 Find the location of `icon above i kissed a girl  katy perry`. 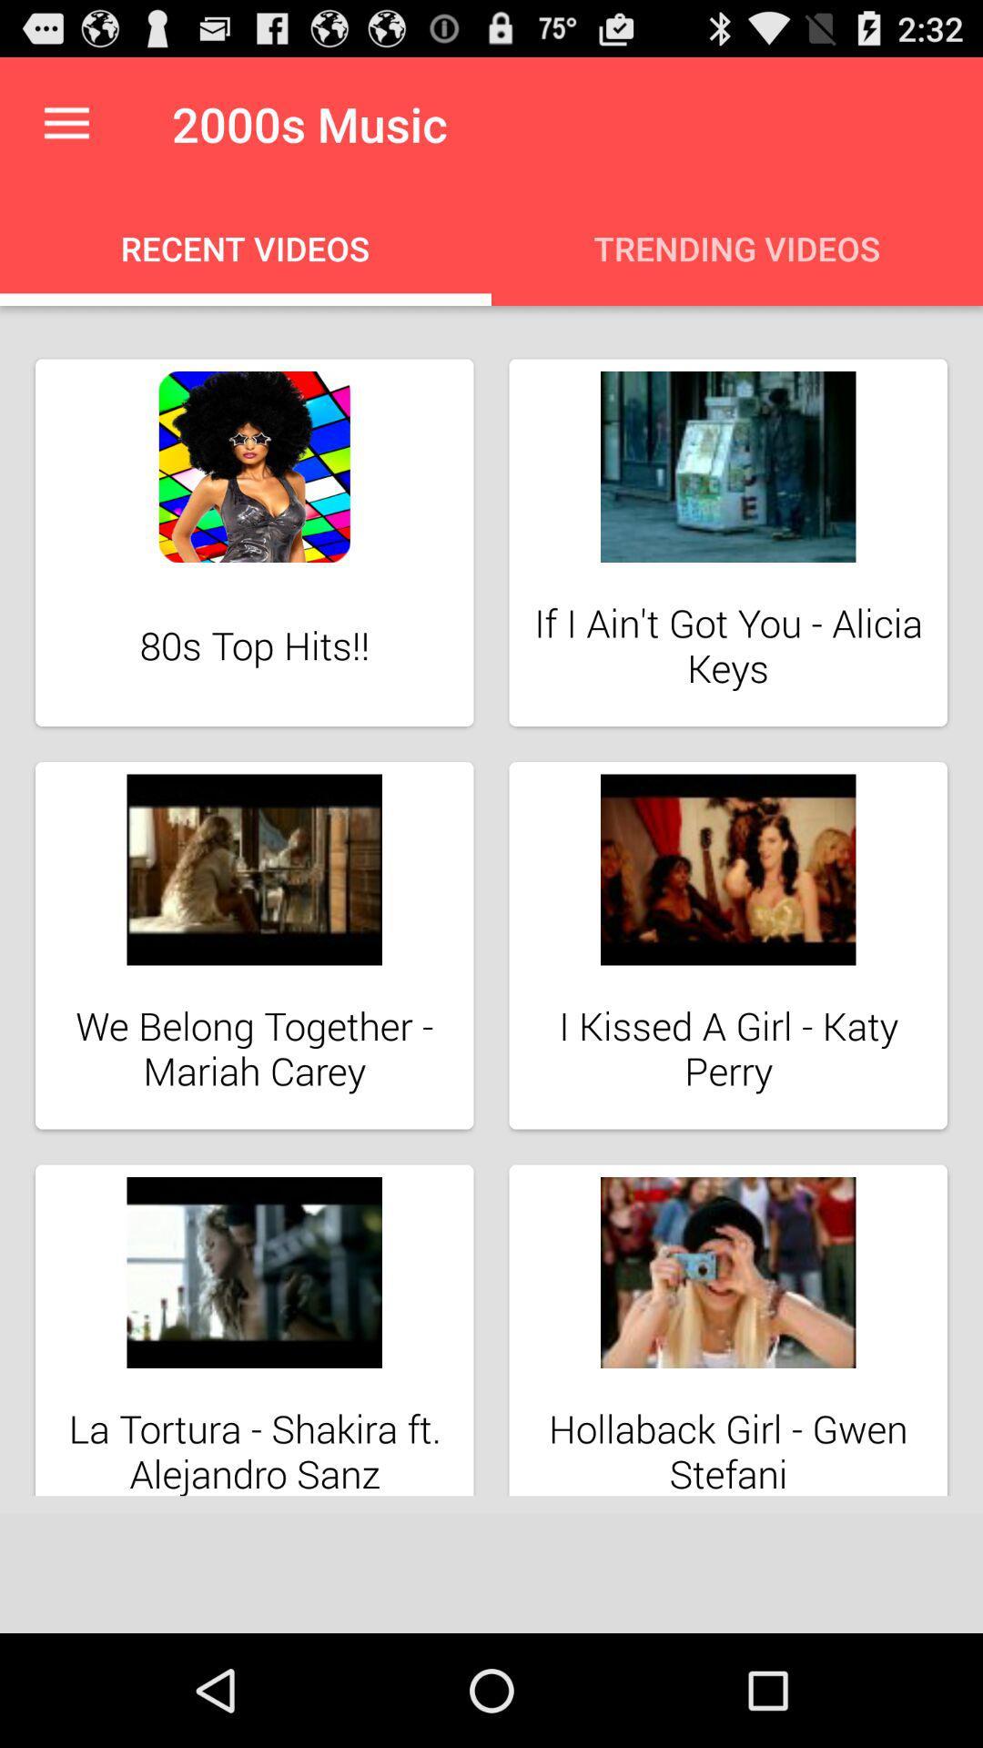

icon above i kissed a girl  katy perry is located at coordinates (727, 869).